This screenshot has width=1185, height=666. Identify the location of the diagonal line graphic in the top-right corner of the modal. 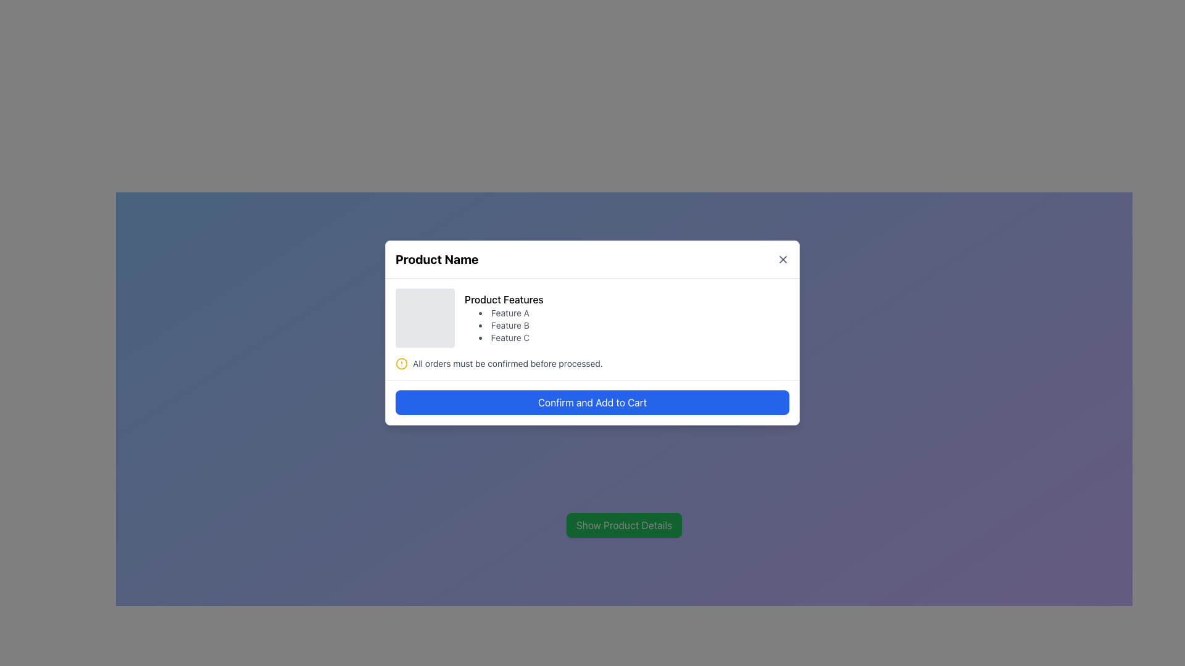
(782, 258).